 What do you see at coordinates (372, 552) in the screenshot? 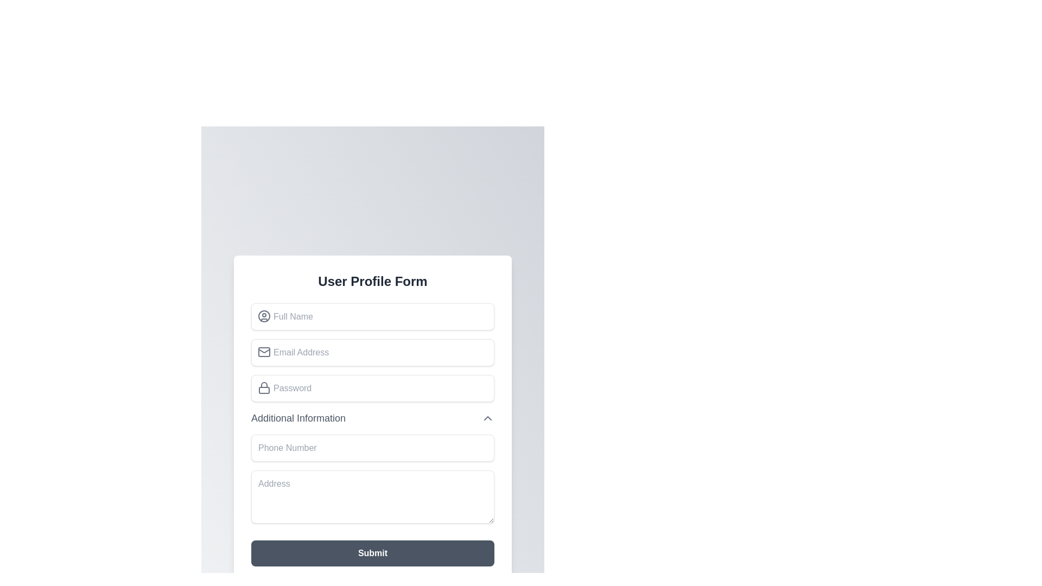
I see `the submit button located at the bottom of the form layout, which triggers the form submission event` at bounding box center [372, 552].